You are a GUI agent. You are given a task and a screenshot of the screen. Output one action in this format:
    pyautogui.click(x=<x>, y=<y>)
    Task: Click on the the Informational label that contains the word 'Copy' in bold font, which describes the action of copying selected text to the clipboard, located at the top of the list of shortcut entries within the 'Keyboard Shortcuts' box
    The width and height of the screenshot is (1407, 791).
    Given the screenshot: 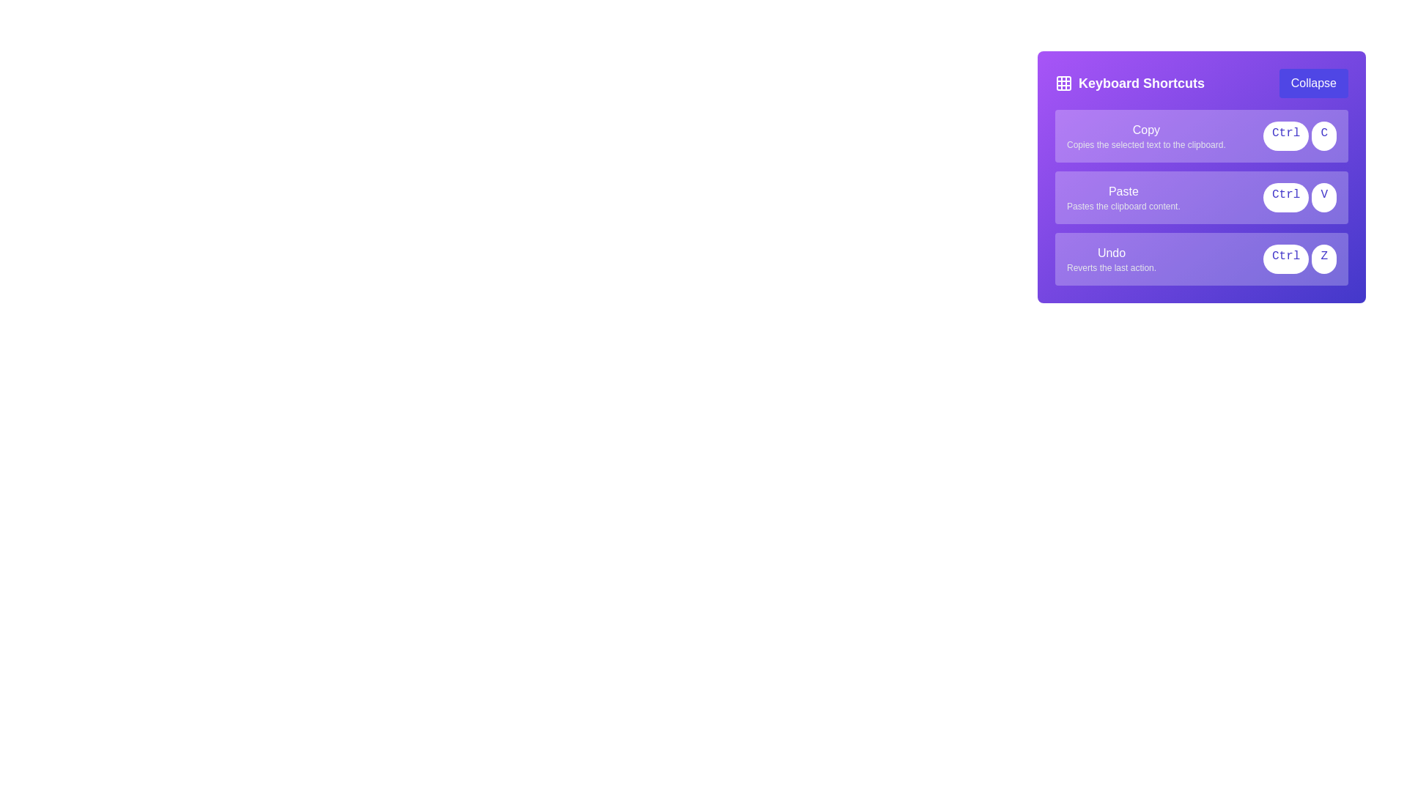 What is the action you would take?
    pyautogui.click(x=1145, y=135)
    